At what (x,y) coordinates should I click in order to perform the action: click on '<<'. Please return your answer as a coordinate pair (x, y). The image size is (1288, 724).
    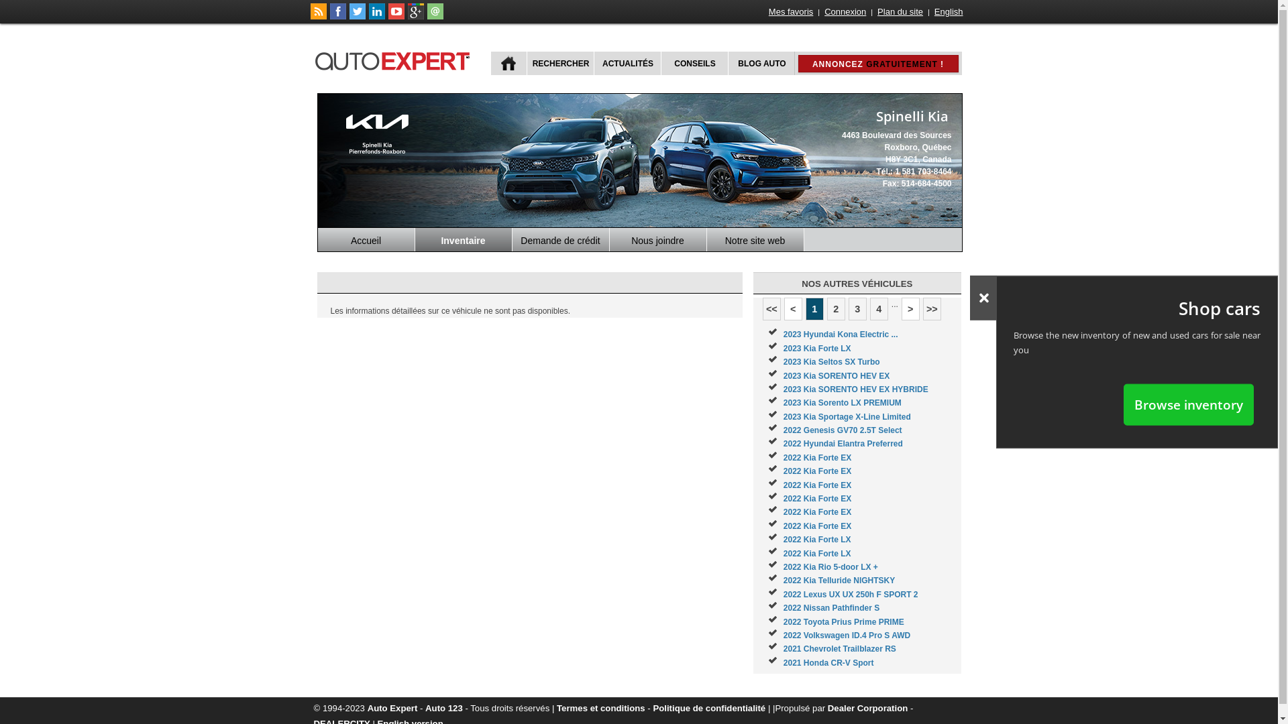
    Looking at the image, I should click on (771, 309).